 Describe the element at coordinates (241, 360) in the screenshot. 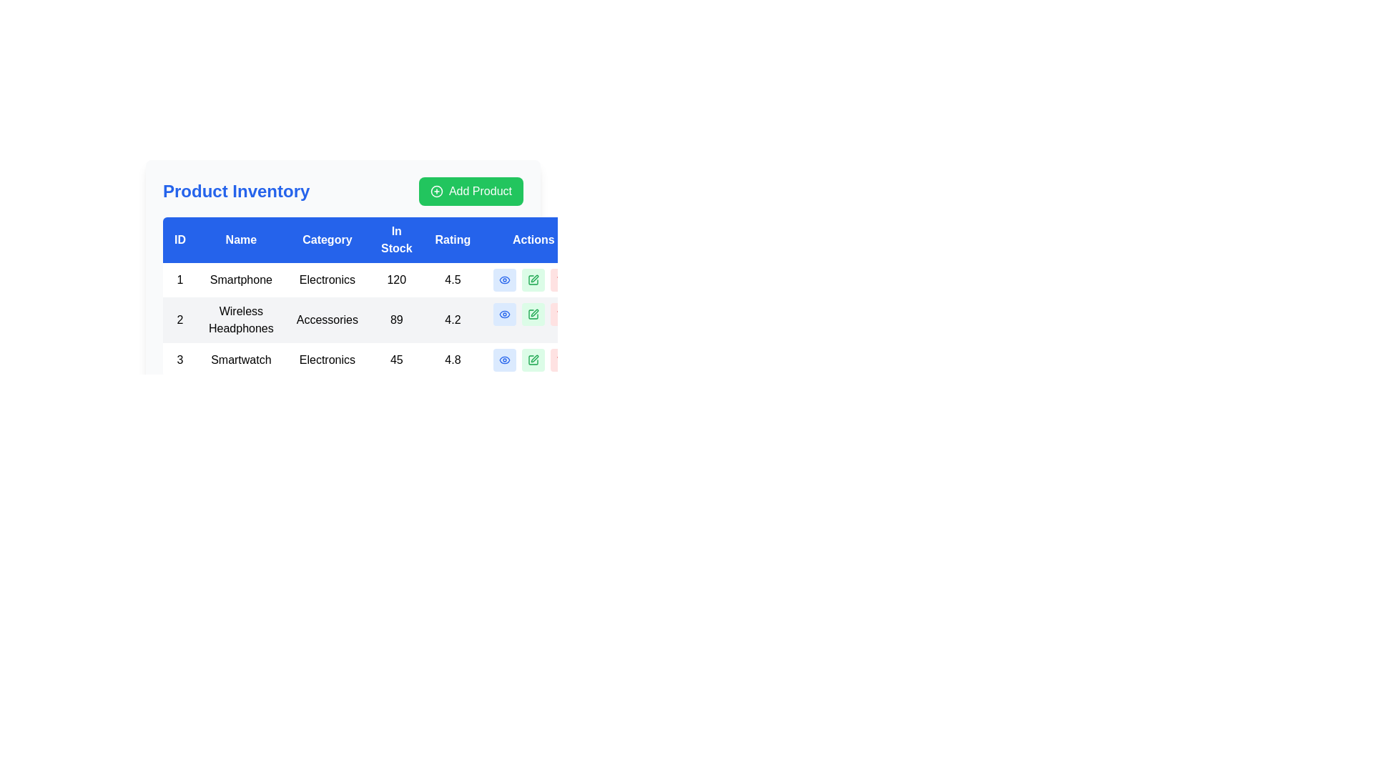

I see `the static text label displaying the product name in the third row of the table corresponding to ID '3'` at that location.